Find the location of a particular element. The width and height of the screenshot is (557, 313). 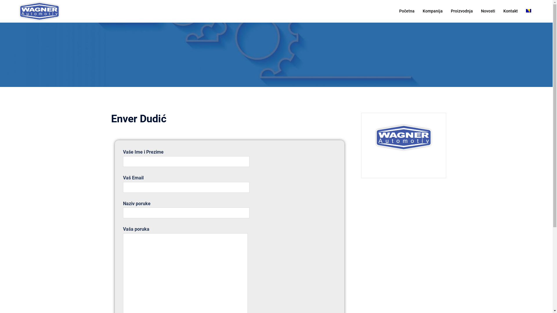

'Kontakt' is located at coordinates (511, 11).